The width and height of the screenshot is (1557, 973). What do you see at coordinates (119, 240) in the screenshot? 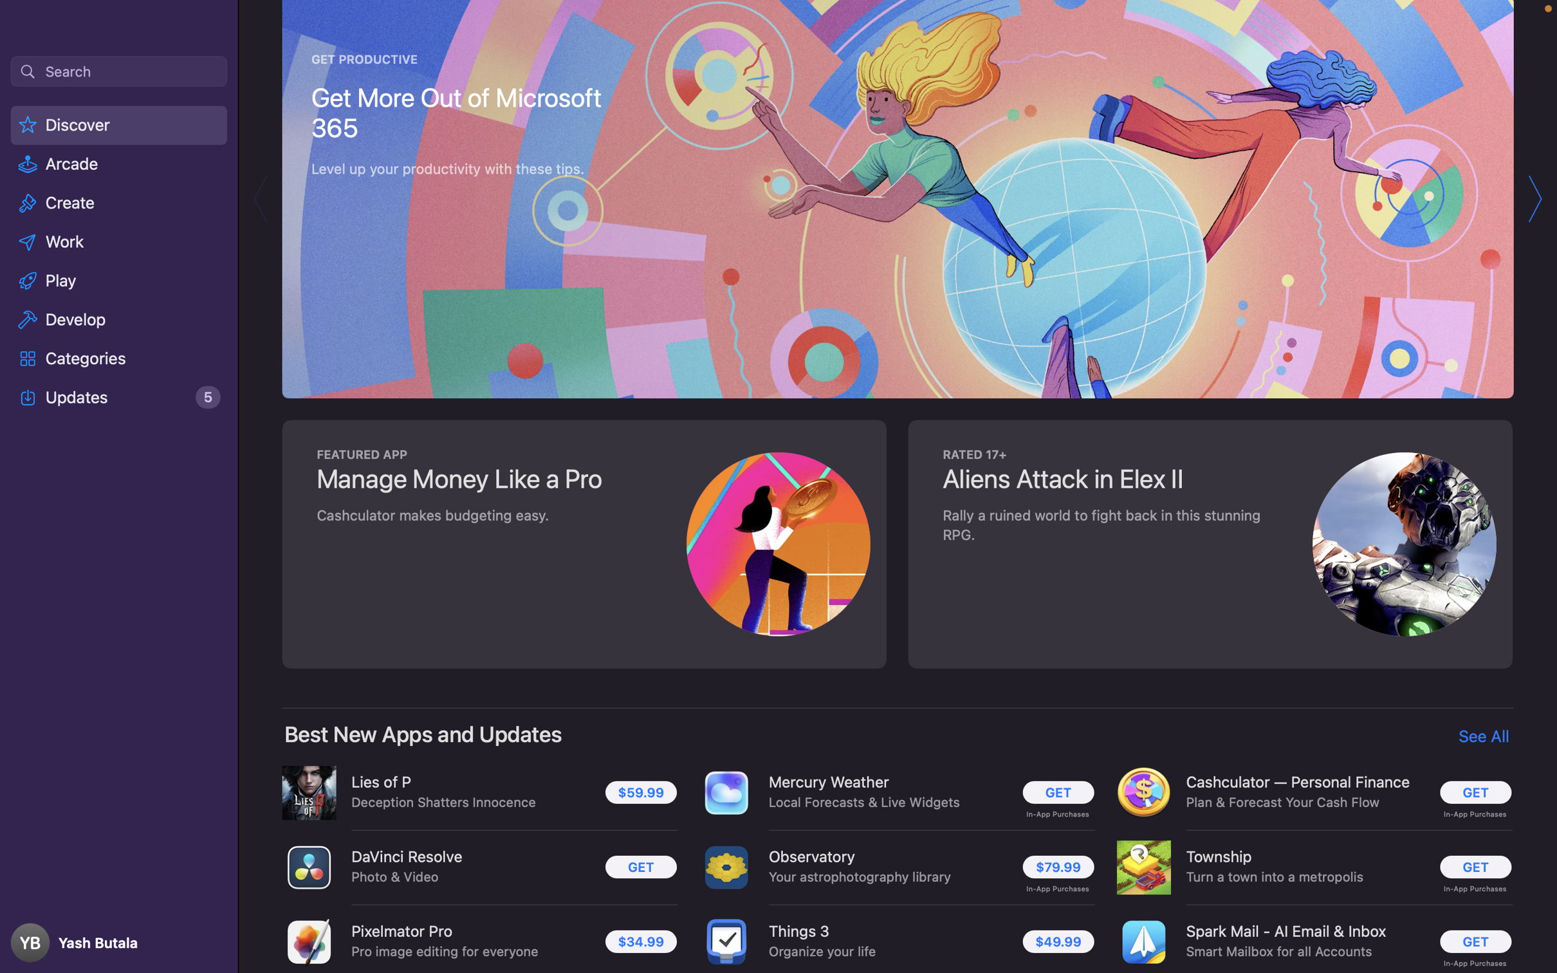
I see `the "Work" option` at bounding box center [119, 240].